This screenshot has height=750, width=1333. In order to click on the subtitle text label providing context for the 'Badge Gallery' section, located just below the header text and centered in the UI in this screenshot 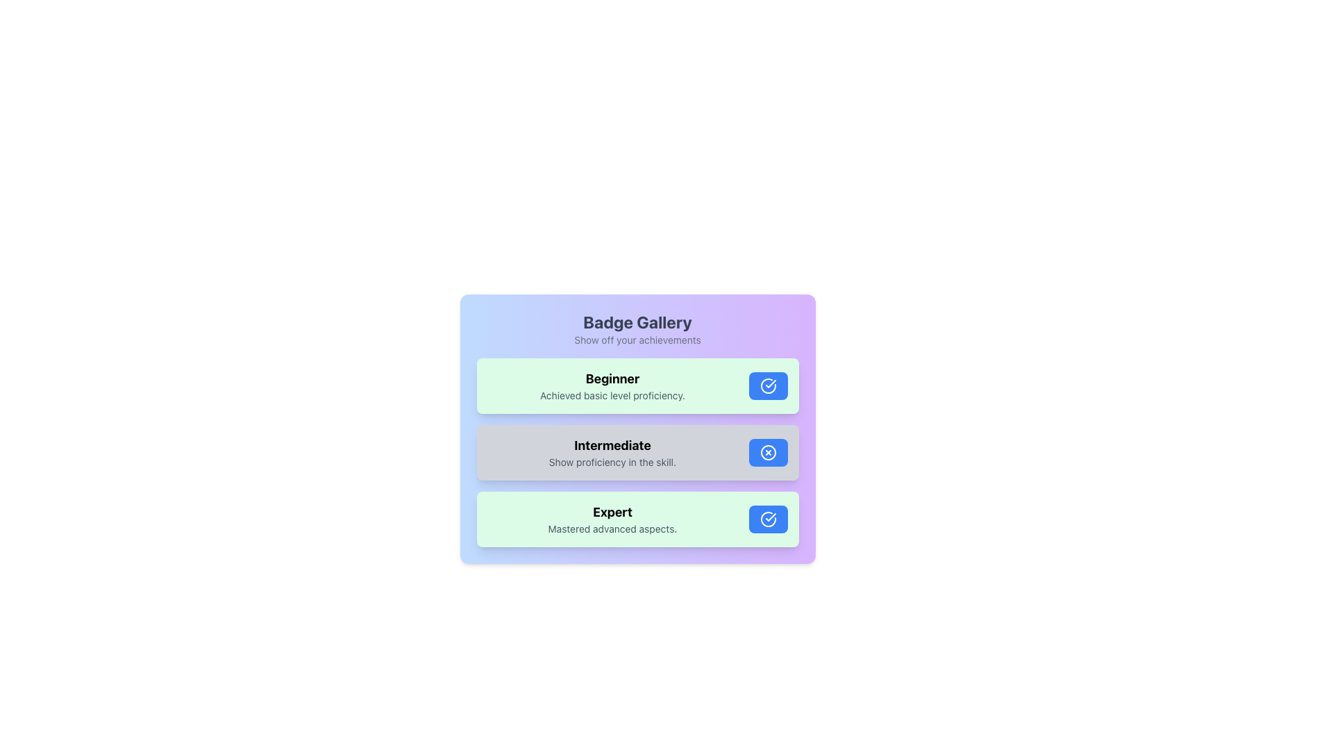, I will do `click(637, 340)`.